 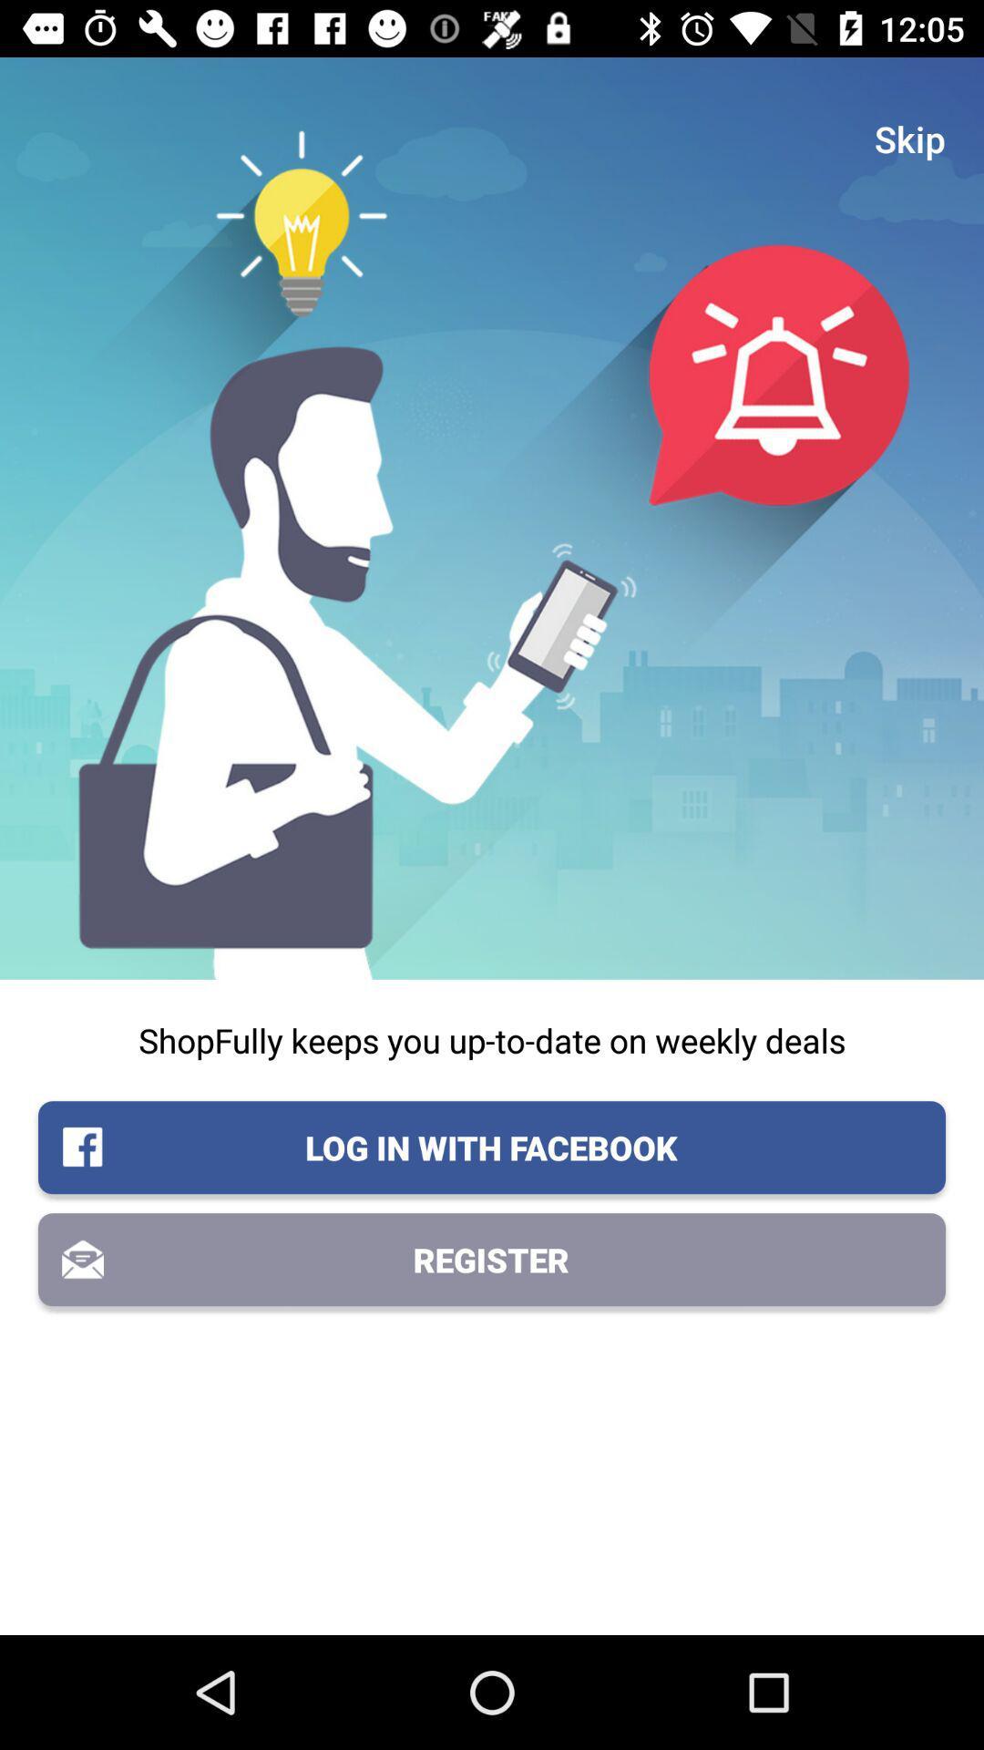 What do you see at coordinates (910, 138) in the screenshot?
I see `skip` at bounding box center [910, 138].